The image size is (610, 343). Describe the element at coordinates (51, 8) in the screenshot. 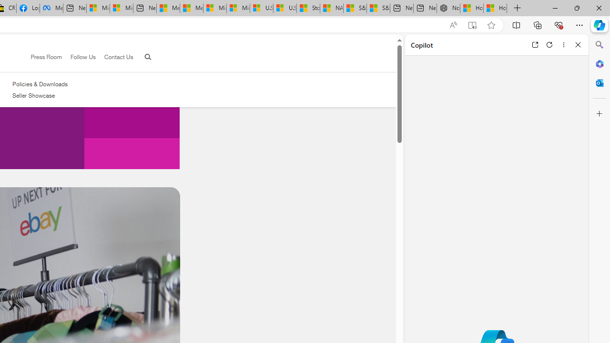

I see `'Meta Store'` at that location.